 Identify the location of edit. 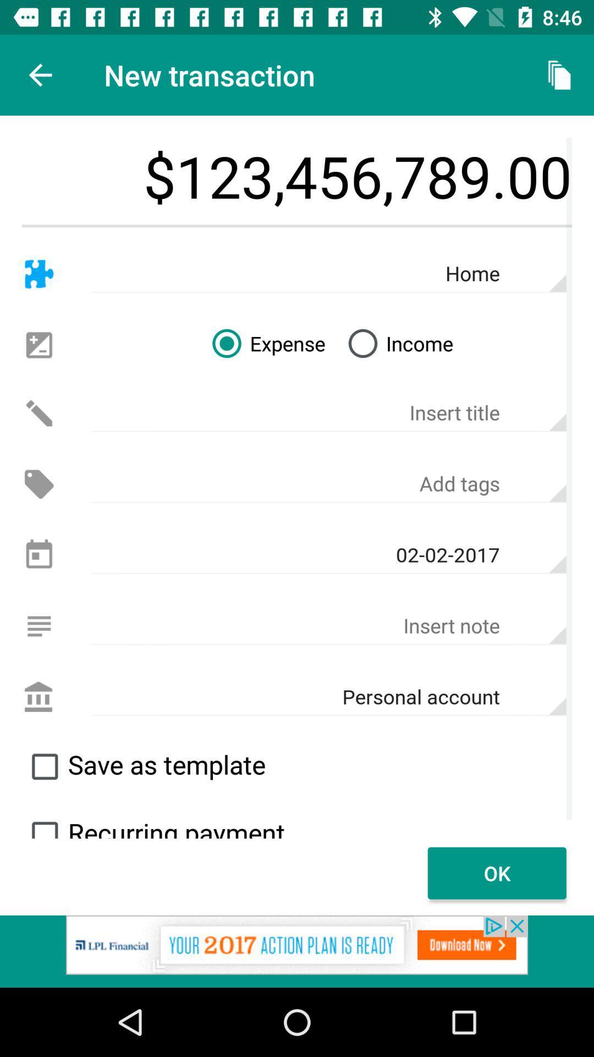
(38, 412).